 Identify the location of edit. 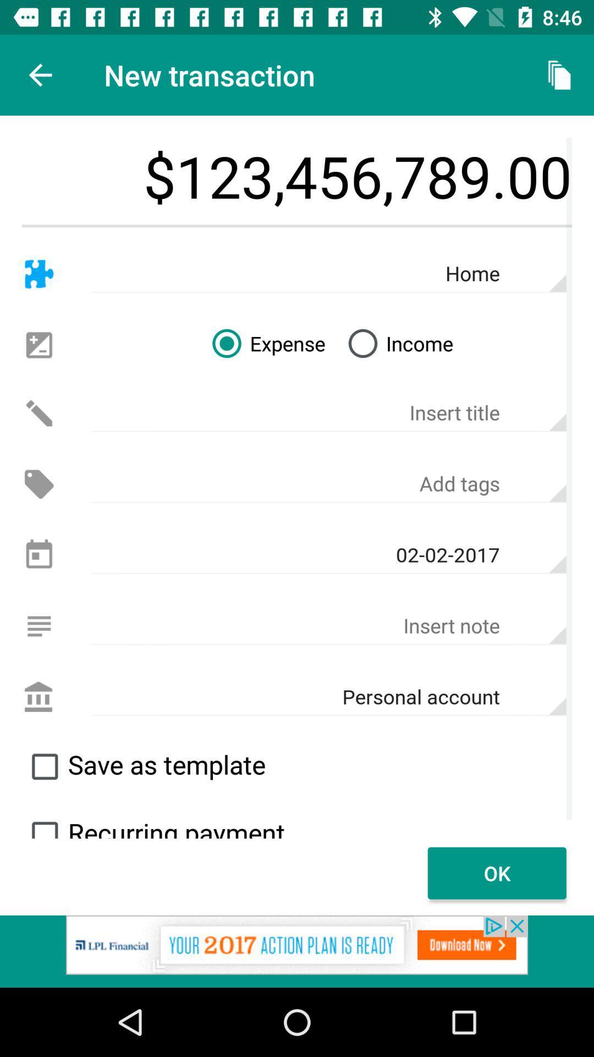
(38, 412).